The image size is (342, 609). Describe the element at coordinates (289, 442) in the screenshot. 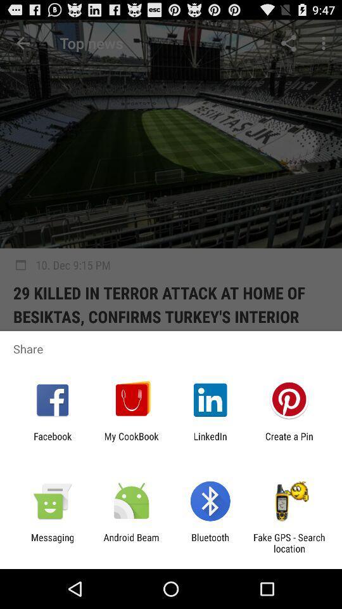

I see `the app to the right of linkedin icon` at that location.